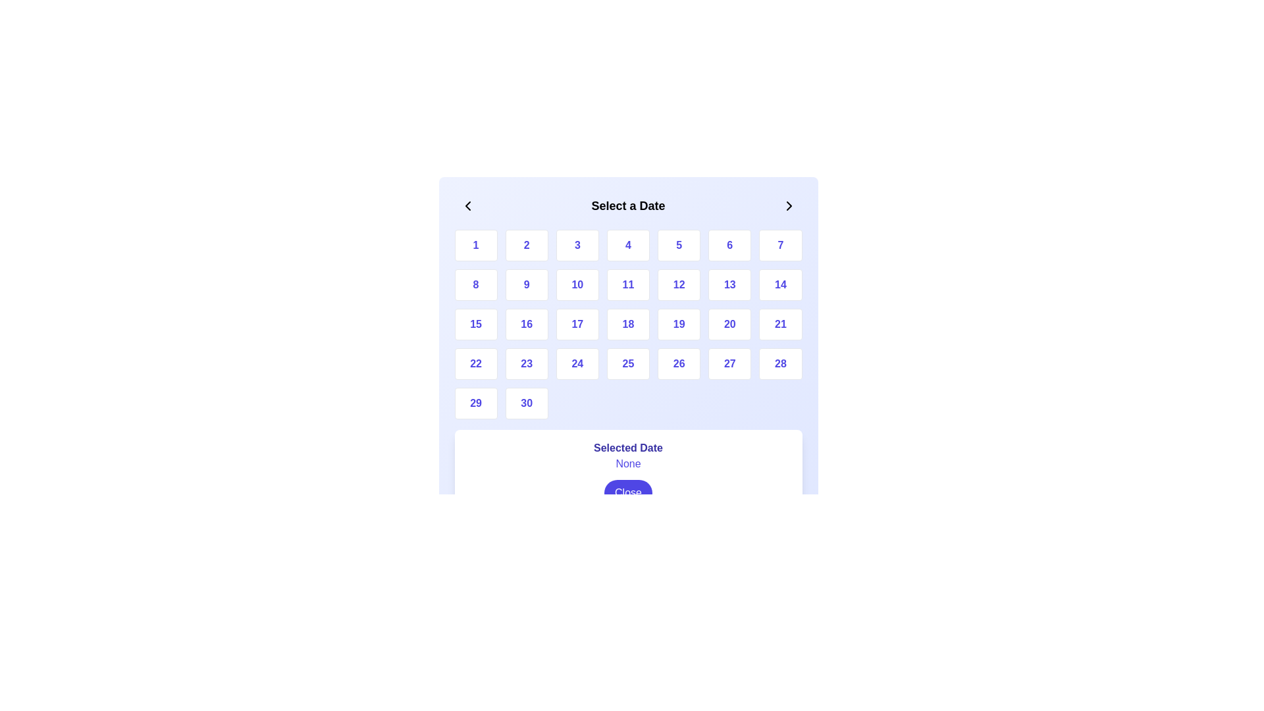 The image size is (1264, 711). Describe the element at coordinates (679, 246) in the screenshot. I see `the button representing the 5th day in the calendar interface` at that location.